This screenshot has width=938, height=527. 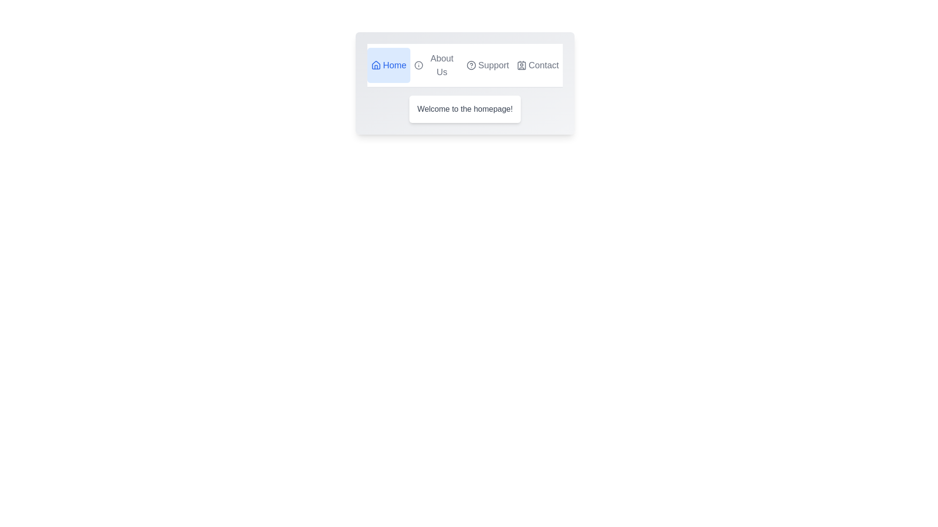 What do you see at coordinates (537, 65) in the screenshot?
I see `the tab labeled Contact to switch to its view` at bounding box center [537, 65].